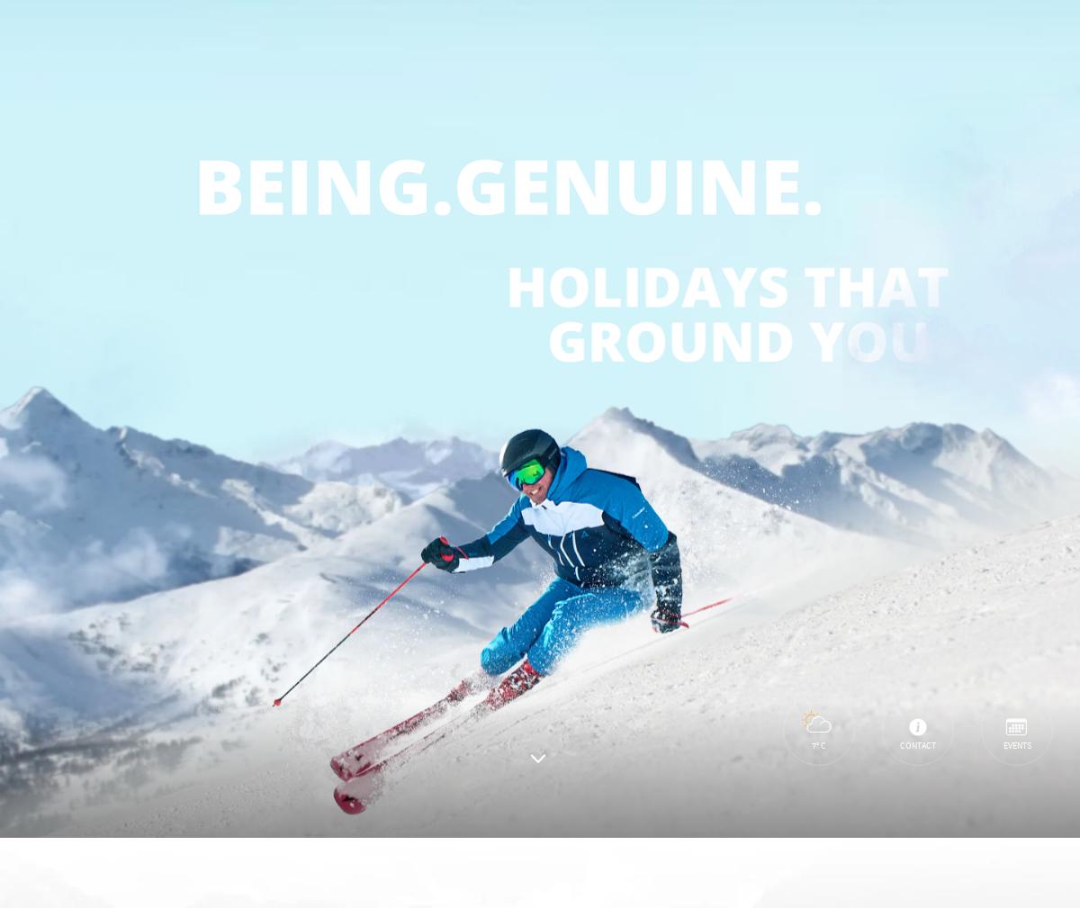 This screenshot has width=1080, height=908. I want to click on 'privacy policy', so click(418, 698).